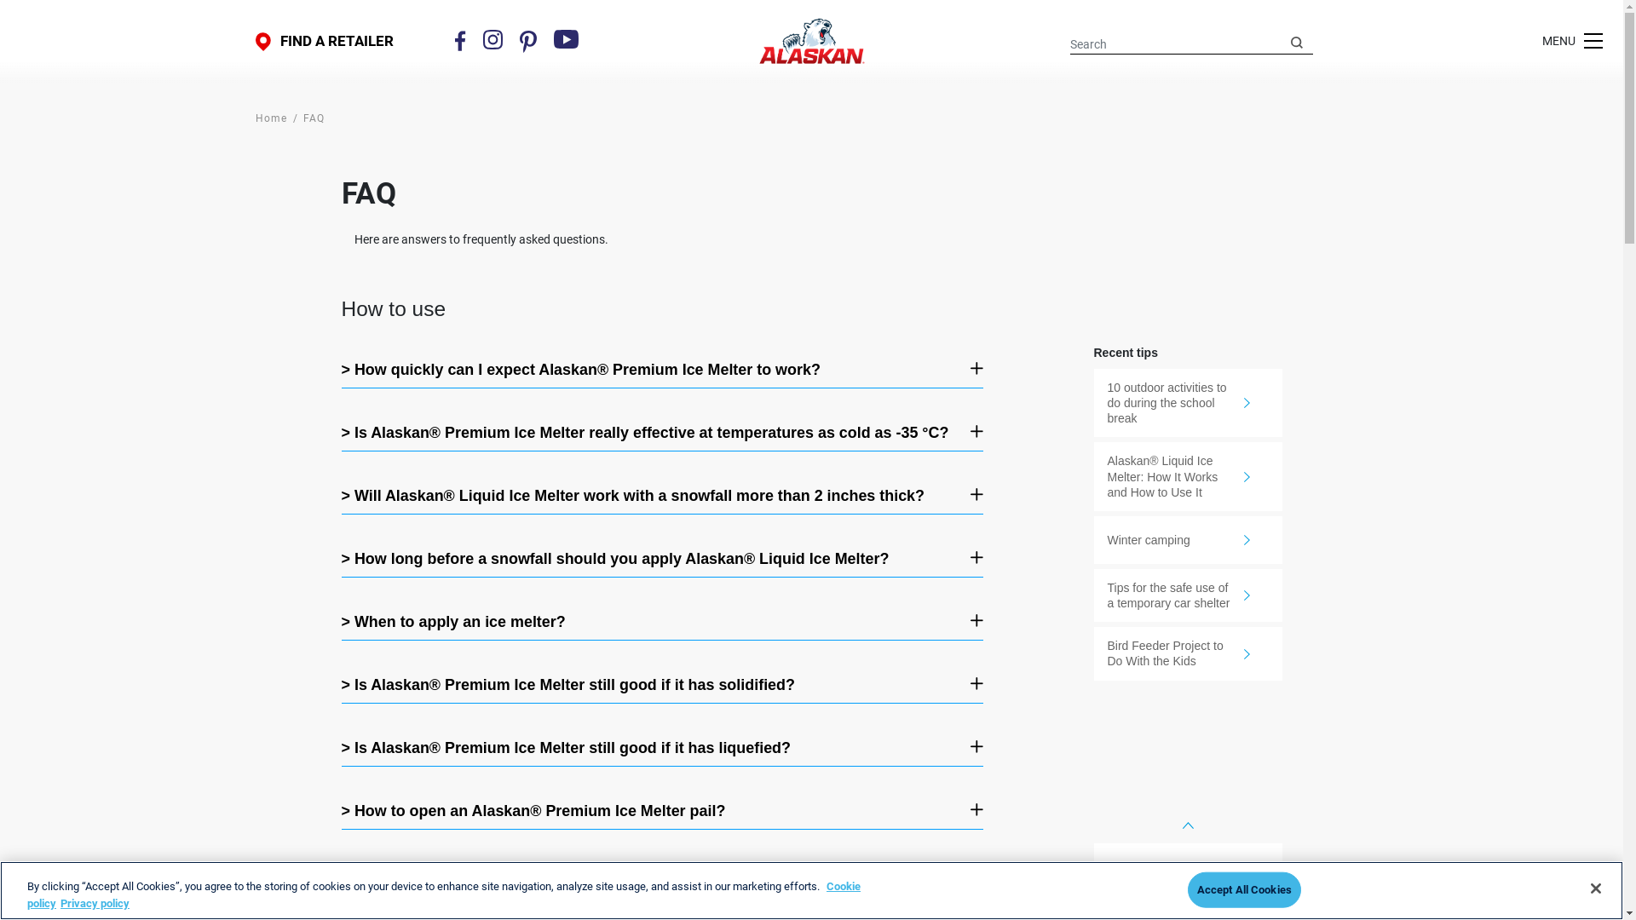 The width and height of the screenshot is (1636, 920). I want to click on 'Skip to main content', so click(0, 0).